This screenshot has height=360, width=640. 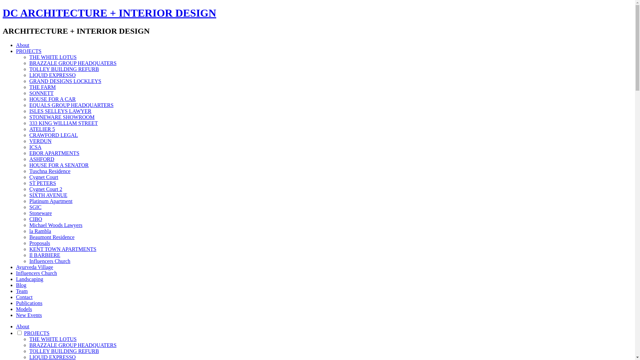 I want to click on 'KENT TOWN APARTMENTS', so click(x=63, y=249).